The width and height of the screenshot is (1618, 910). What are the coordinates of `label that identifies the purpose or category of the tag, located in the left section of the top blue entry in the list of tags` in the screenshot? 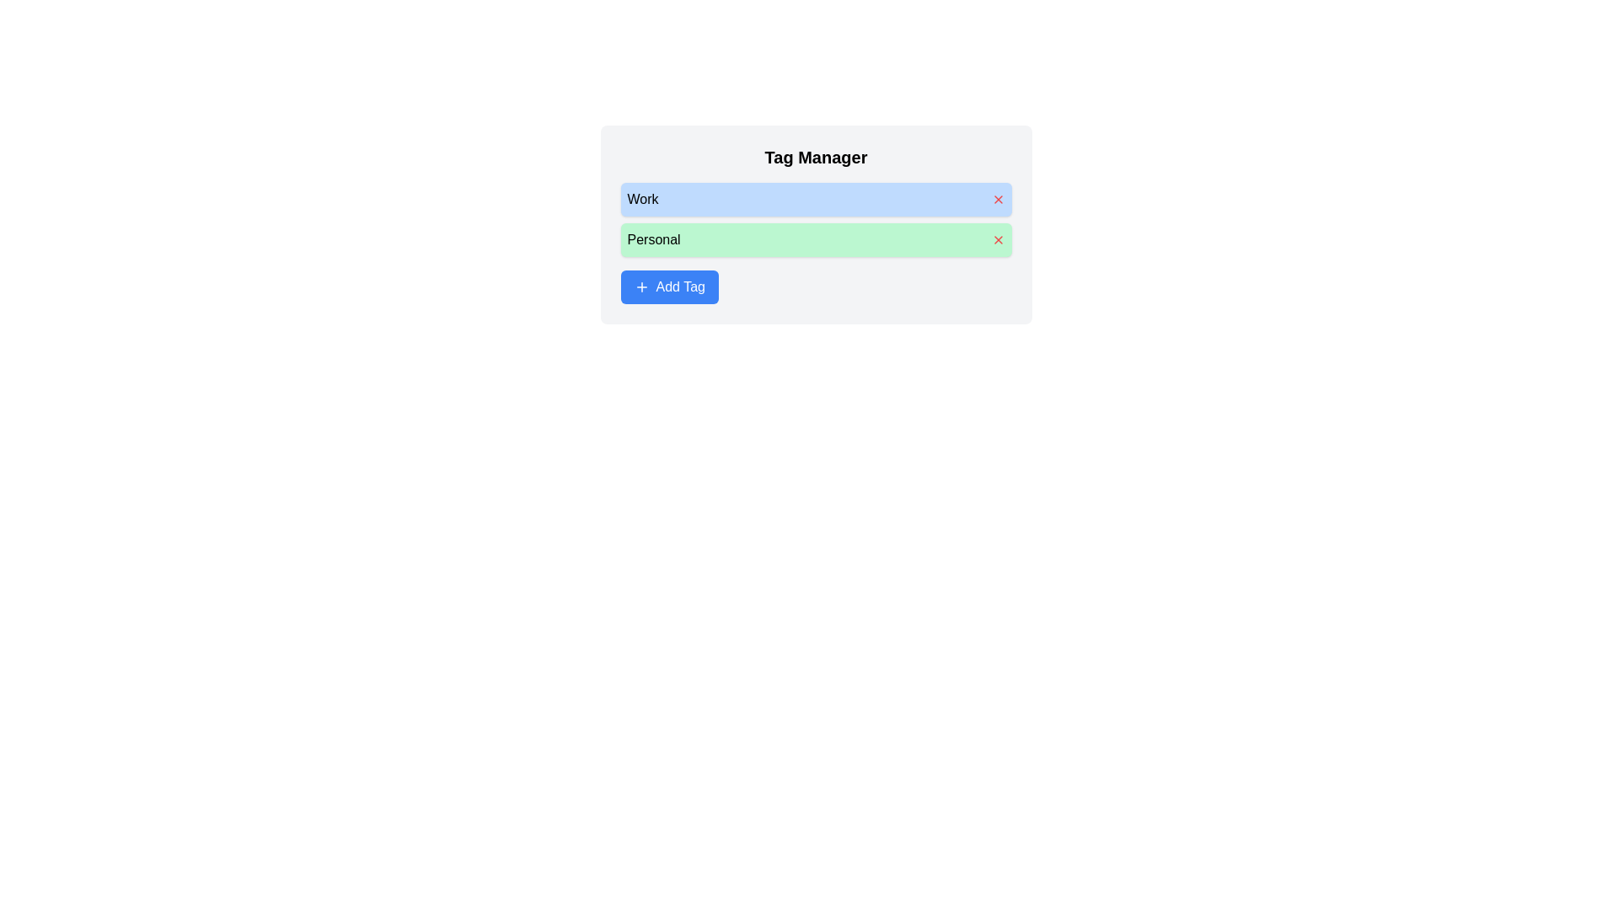 It's located at (642, 198).